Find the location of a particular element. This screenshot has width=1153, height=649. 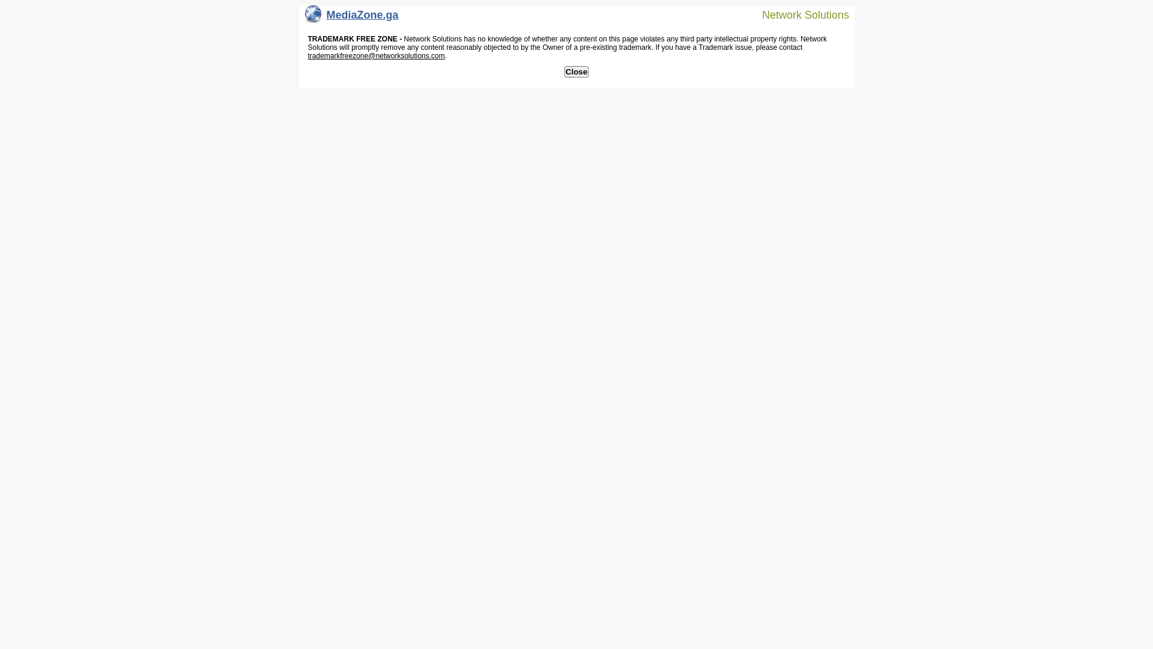

'trademarkfreezone@networksolutions.com' is located at coordinates (375, 55).